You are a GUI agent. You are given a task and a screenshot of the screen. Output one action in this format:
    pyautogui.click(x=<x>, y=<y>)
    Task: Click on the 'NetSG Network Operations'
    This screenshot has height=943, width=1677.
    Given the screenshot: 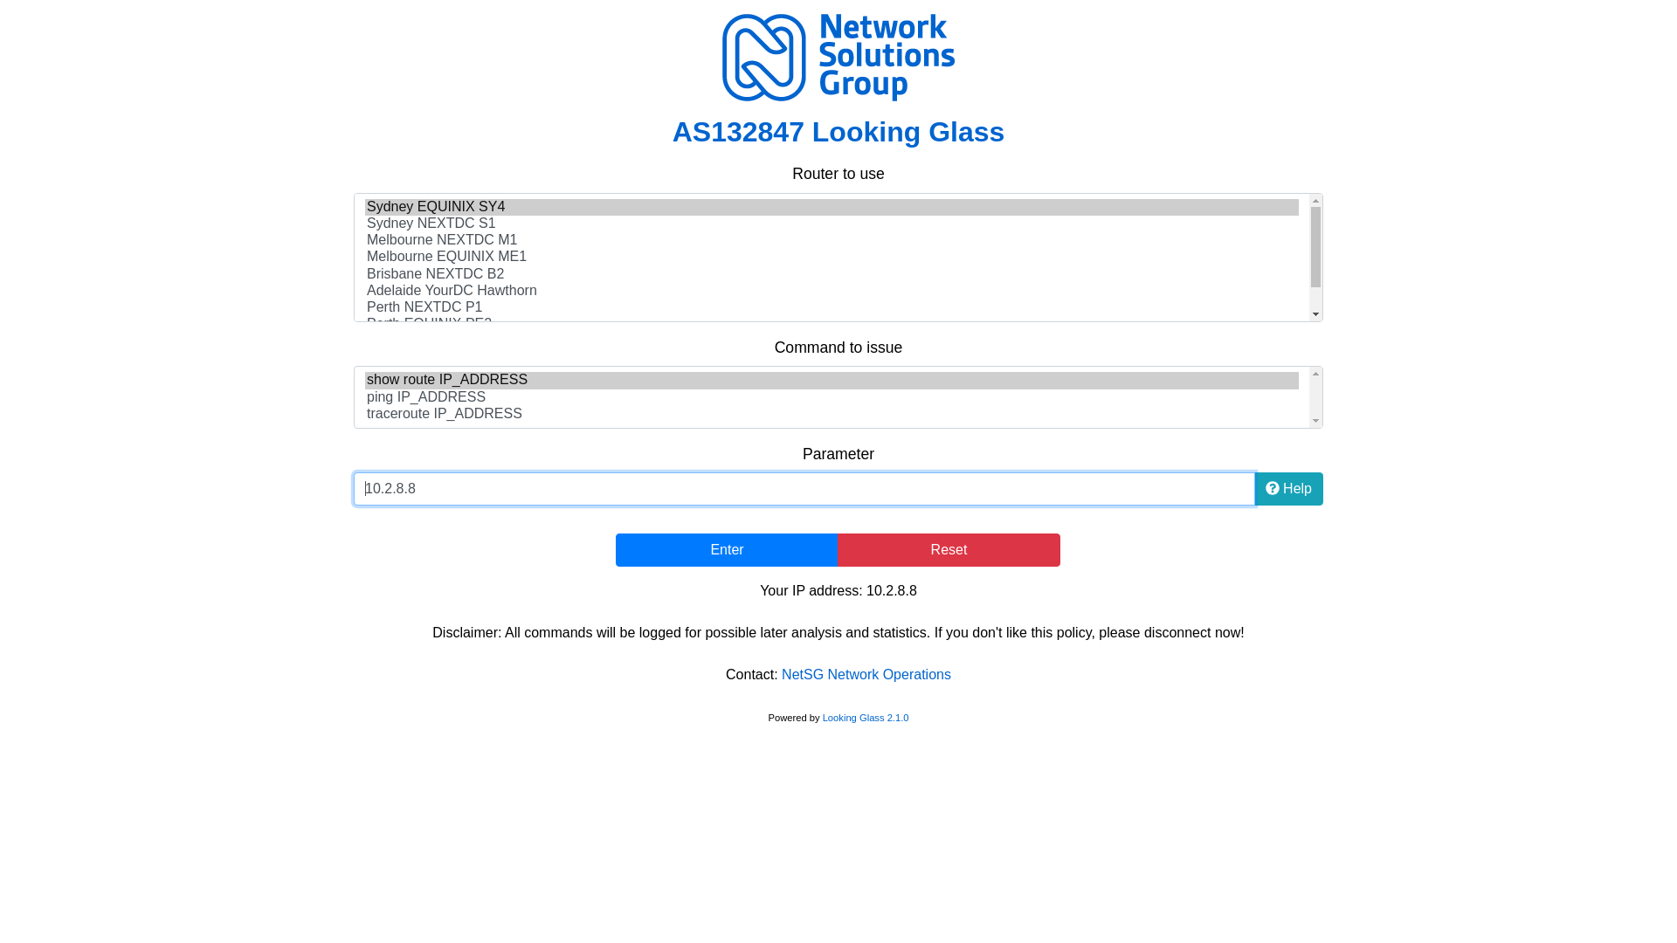 What is the action you would take?
    pyautogui.click(x=866, y=673)
    